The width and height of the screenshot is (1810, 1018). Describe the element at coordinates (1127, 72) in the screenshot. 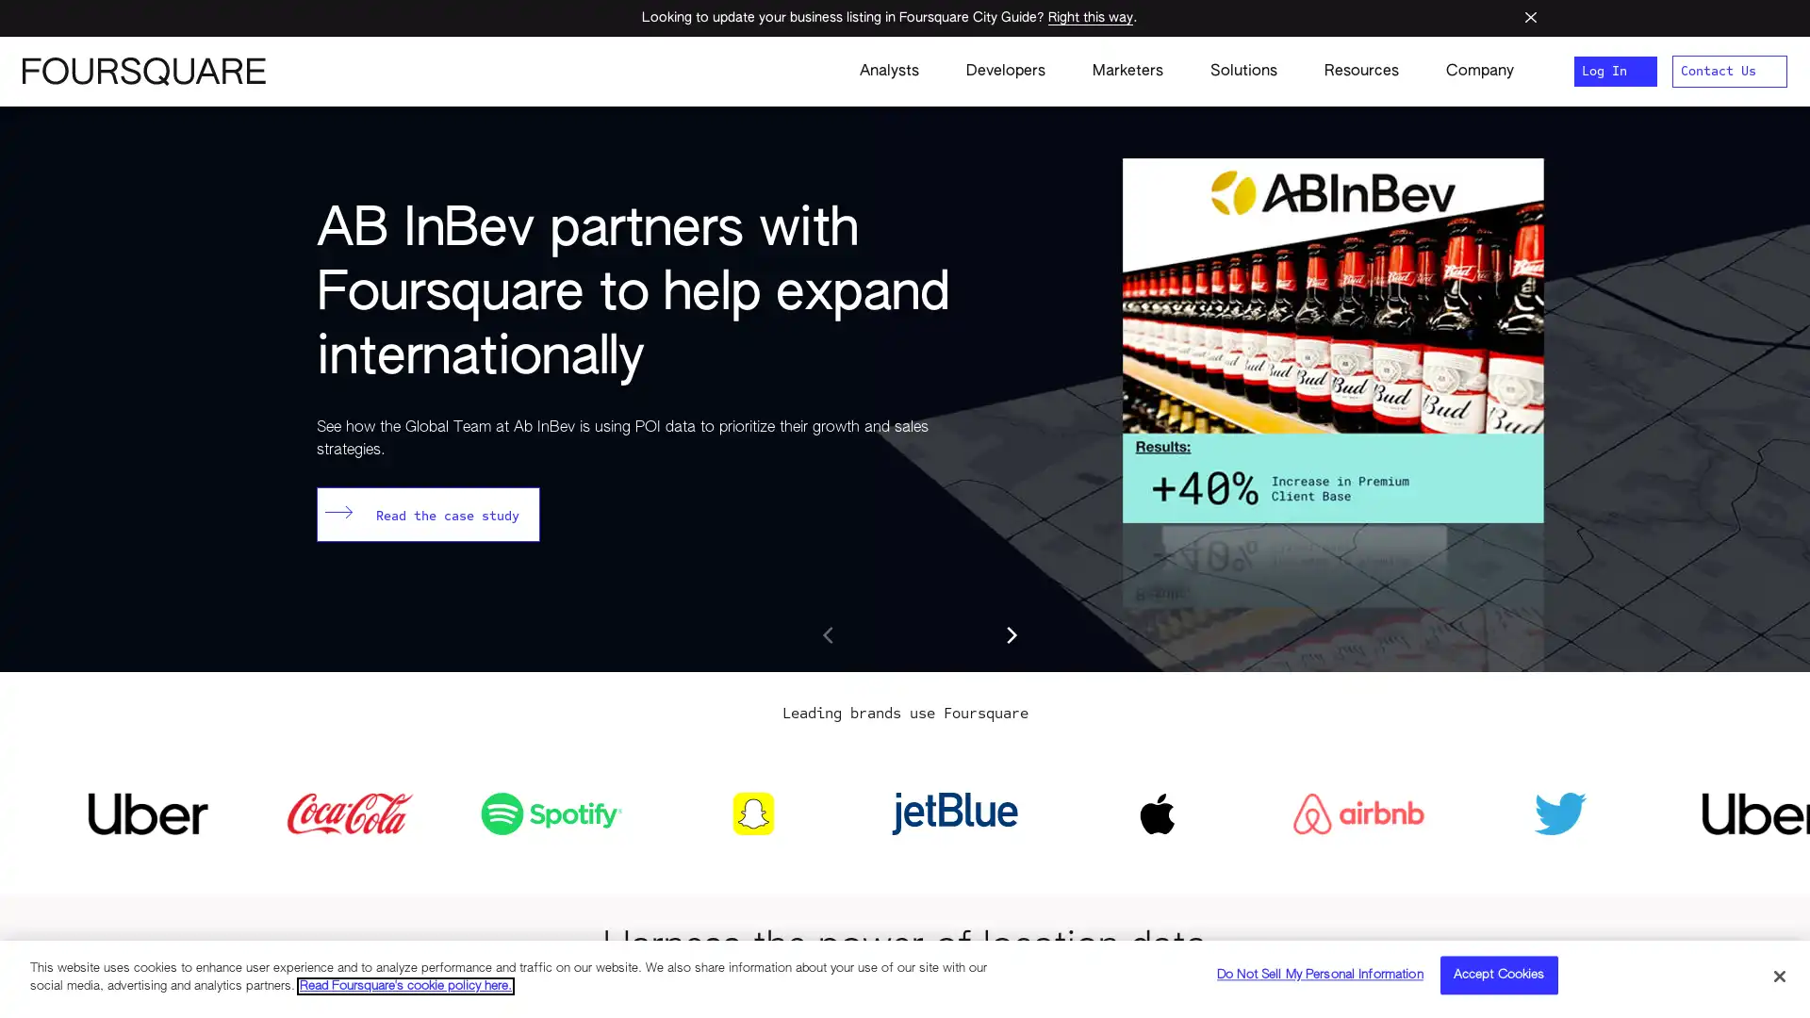

I see `Marketers` at that location.